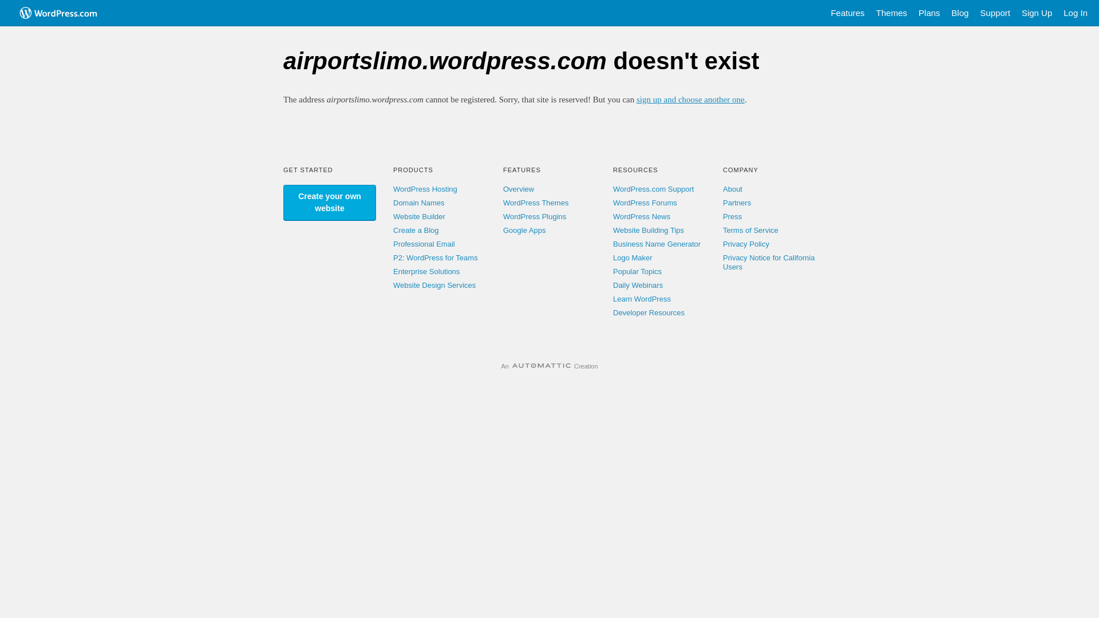  Describe the element at coordinates (435, 257) in the screenshot. I see `'P2: WordPress for Teams'` at that location.